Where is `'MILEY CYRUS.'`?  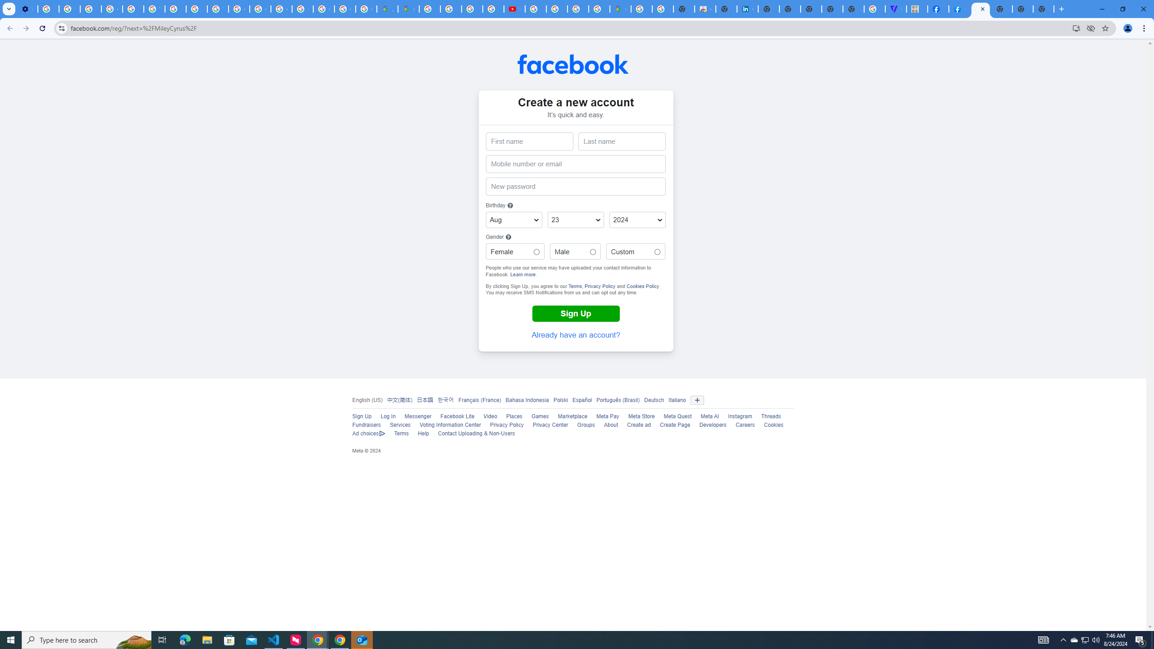
'MILEY CYRUS.' is located at coordinates (916, 9).